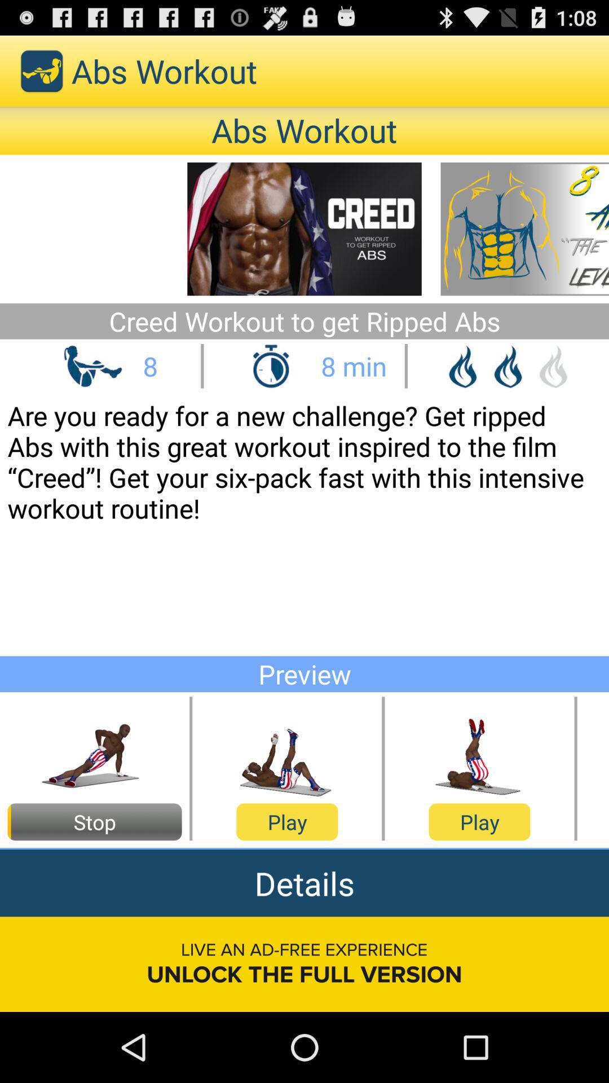  I want to click on the icon above the live an ad, so click(304, 882).